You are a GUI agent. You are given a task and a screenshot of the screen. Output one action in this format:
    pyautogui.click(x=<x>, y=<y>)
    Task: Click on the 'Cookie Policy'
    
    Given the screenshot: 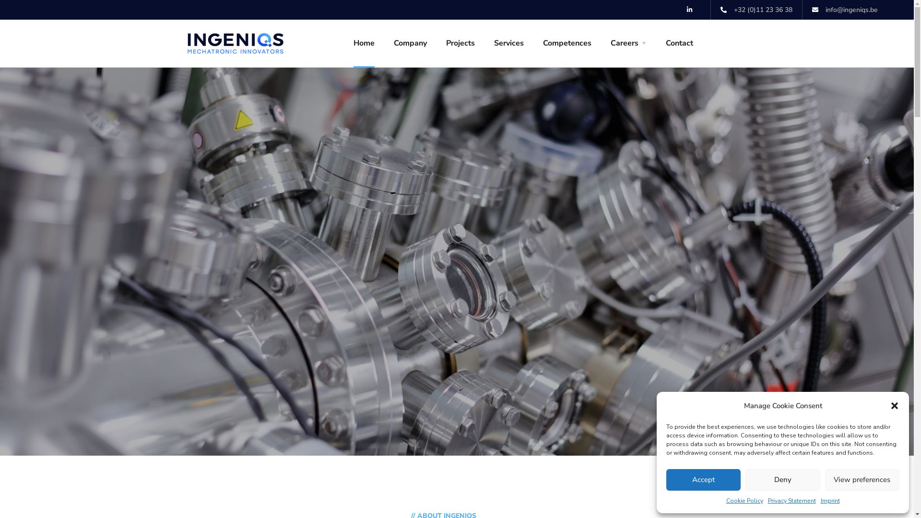 What is the action you would take?
    pyautogui.click(x=744, y=500)
    